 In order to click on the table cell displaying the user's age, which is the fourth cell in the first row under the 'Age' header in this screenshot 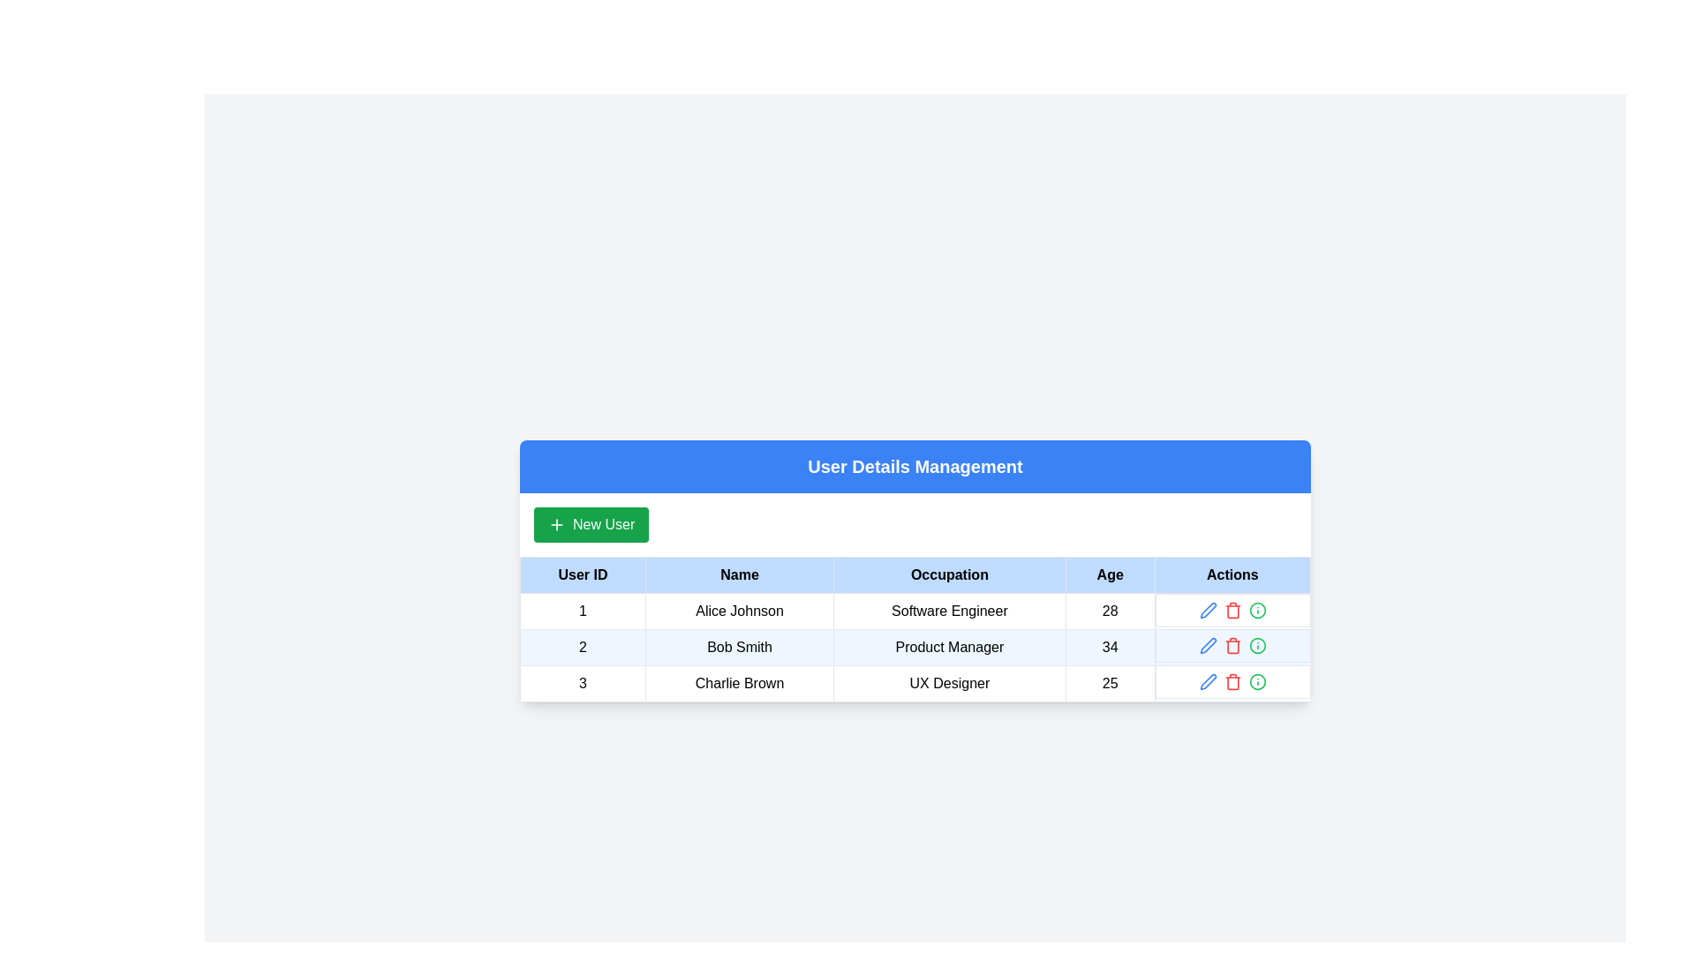, I will do `click(1109, 610)`.